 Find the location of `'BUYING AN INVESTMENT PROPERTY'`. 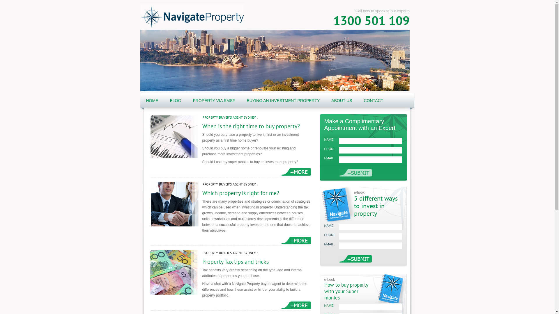

'BUYING AN INVESTMENT PROPERTY' is located at coordinates (283, 100).